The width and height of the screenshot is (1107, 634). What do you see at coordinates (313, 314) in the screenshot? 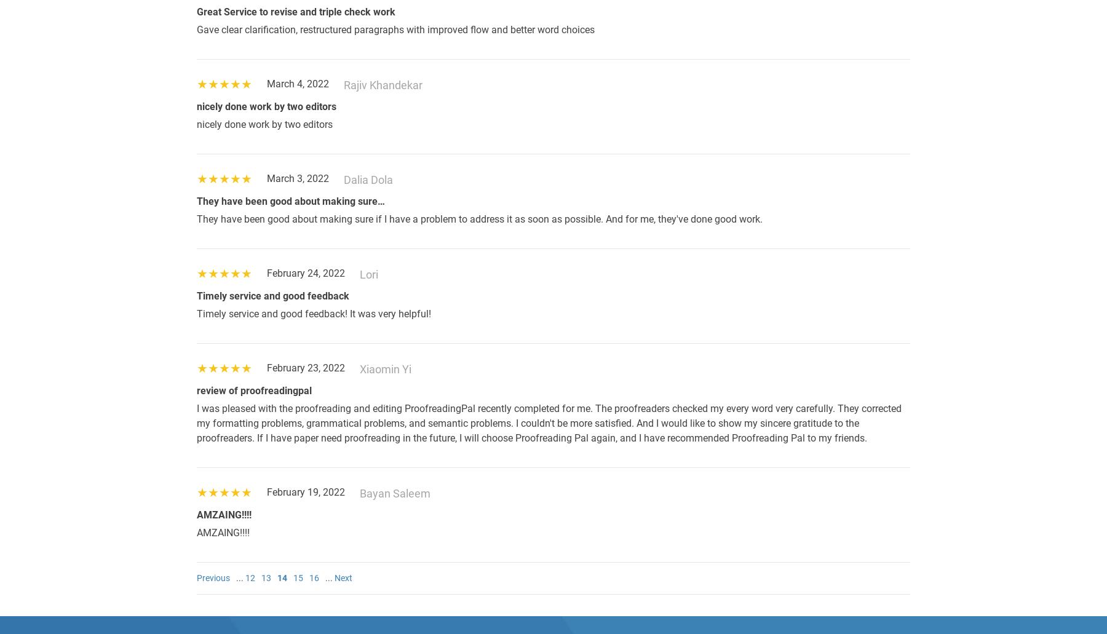
I see `'Timely service and good feedback! It was very helpful!'` at bounding box center [313, 314].